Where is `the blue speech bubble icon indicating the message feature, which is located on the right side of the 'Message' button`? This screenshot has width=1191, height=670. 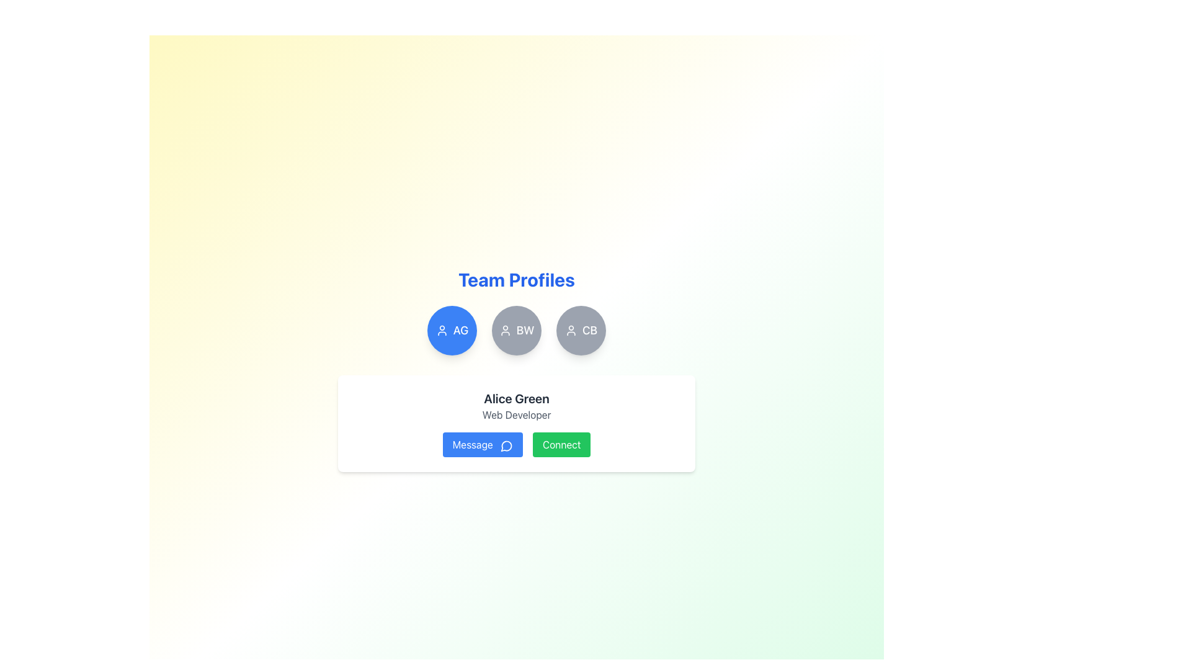 the blue speech bubble icon indicating the message feature, which is located on the right side of the 'Message' button is located at coordinates (506, 445).